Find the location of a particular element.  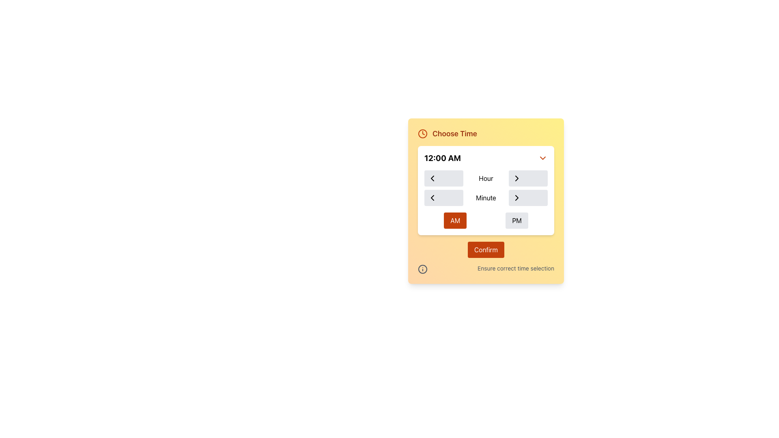

the chevron button located on the right-hand side of the 'Minute' input field in the time selection interface, which increments the value by one unit is located at coordinates (516, 198).